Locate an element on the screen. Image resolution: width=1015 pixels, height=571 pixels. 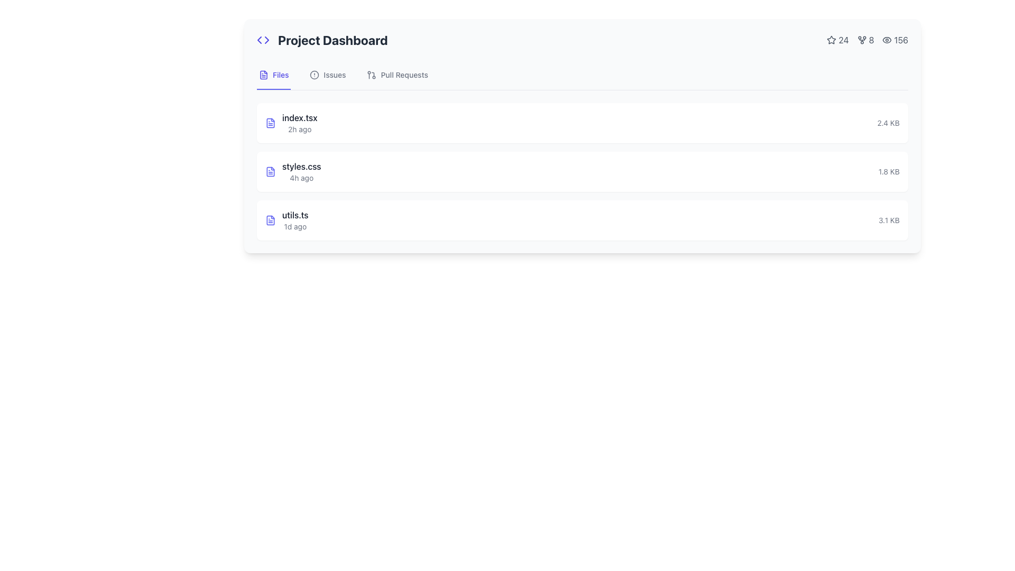
the first list item displaying information about the file 'index.tsx' is located at coordinates (291, 122).